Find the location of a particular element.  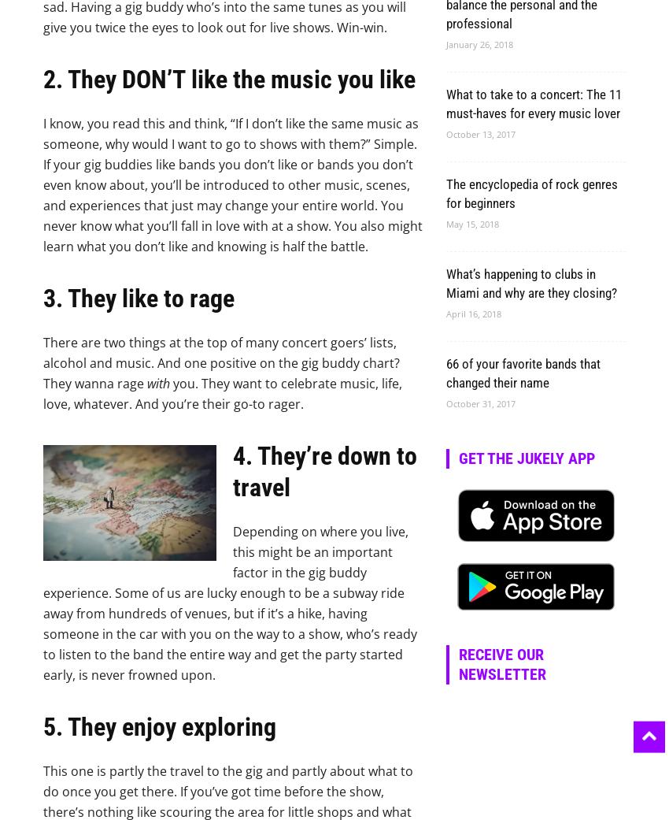

'4. They’re down to travel' is located at coordinates (325, 471).